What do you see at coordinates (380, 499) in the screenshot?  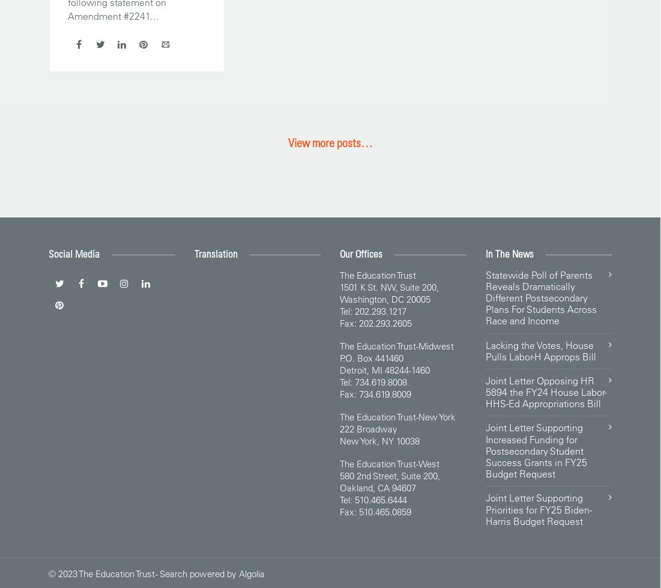 I see `'510.465.6444'` at bounding box center [380, 499].